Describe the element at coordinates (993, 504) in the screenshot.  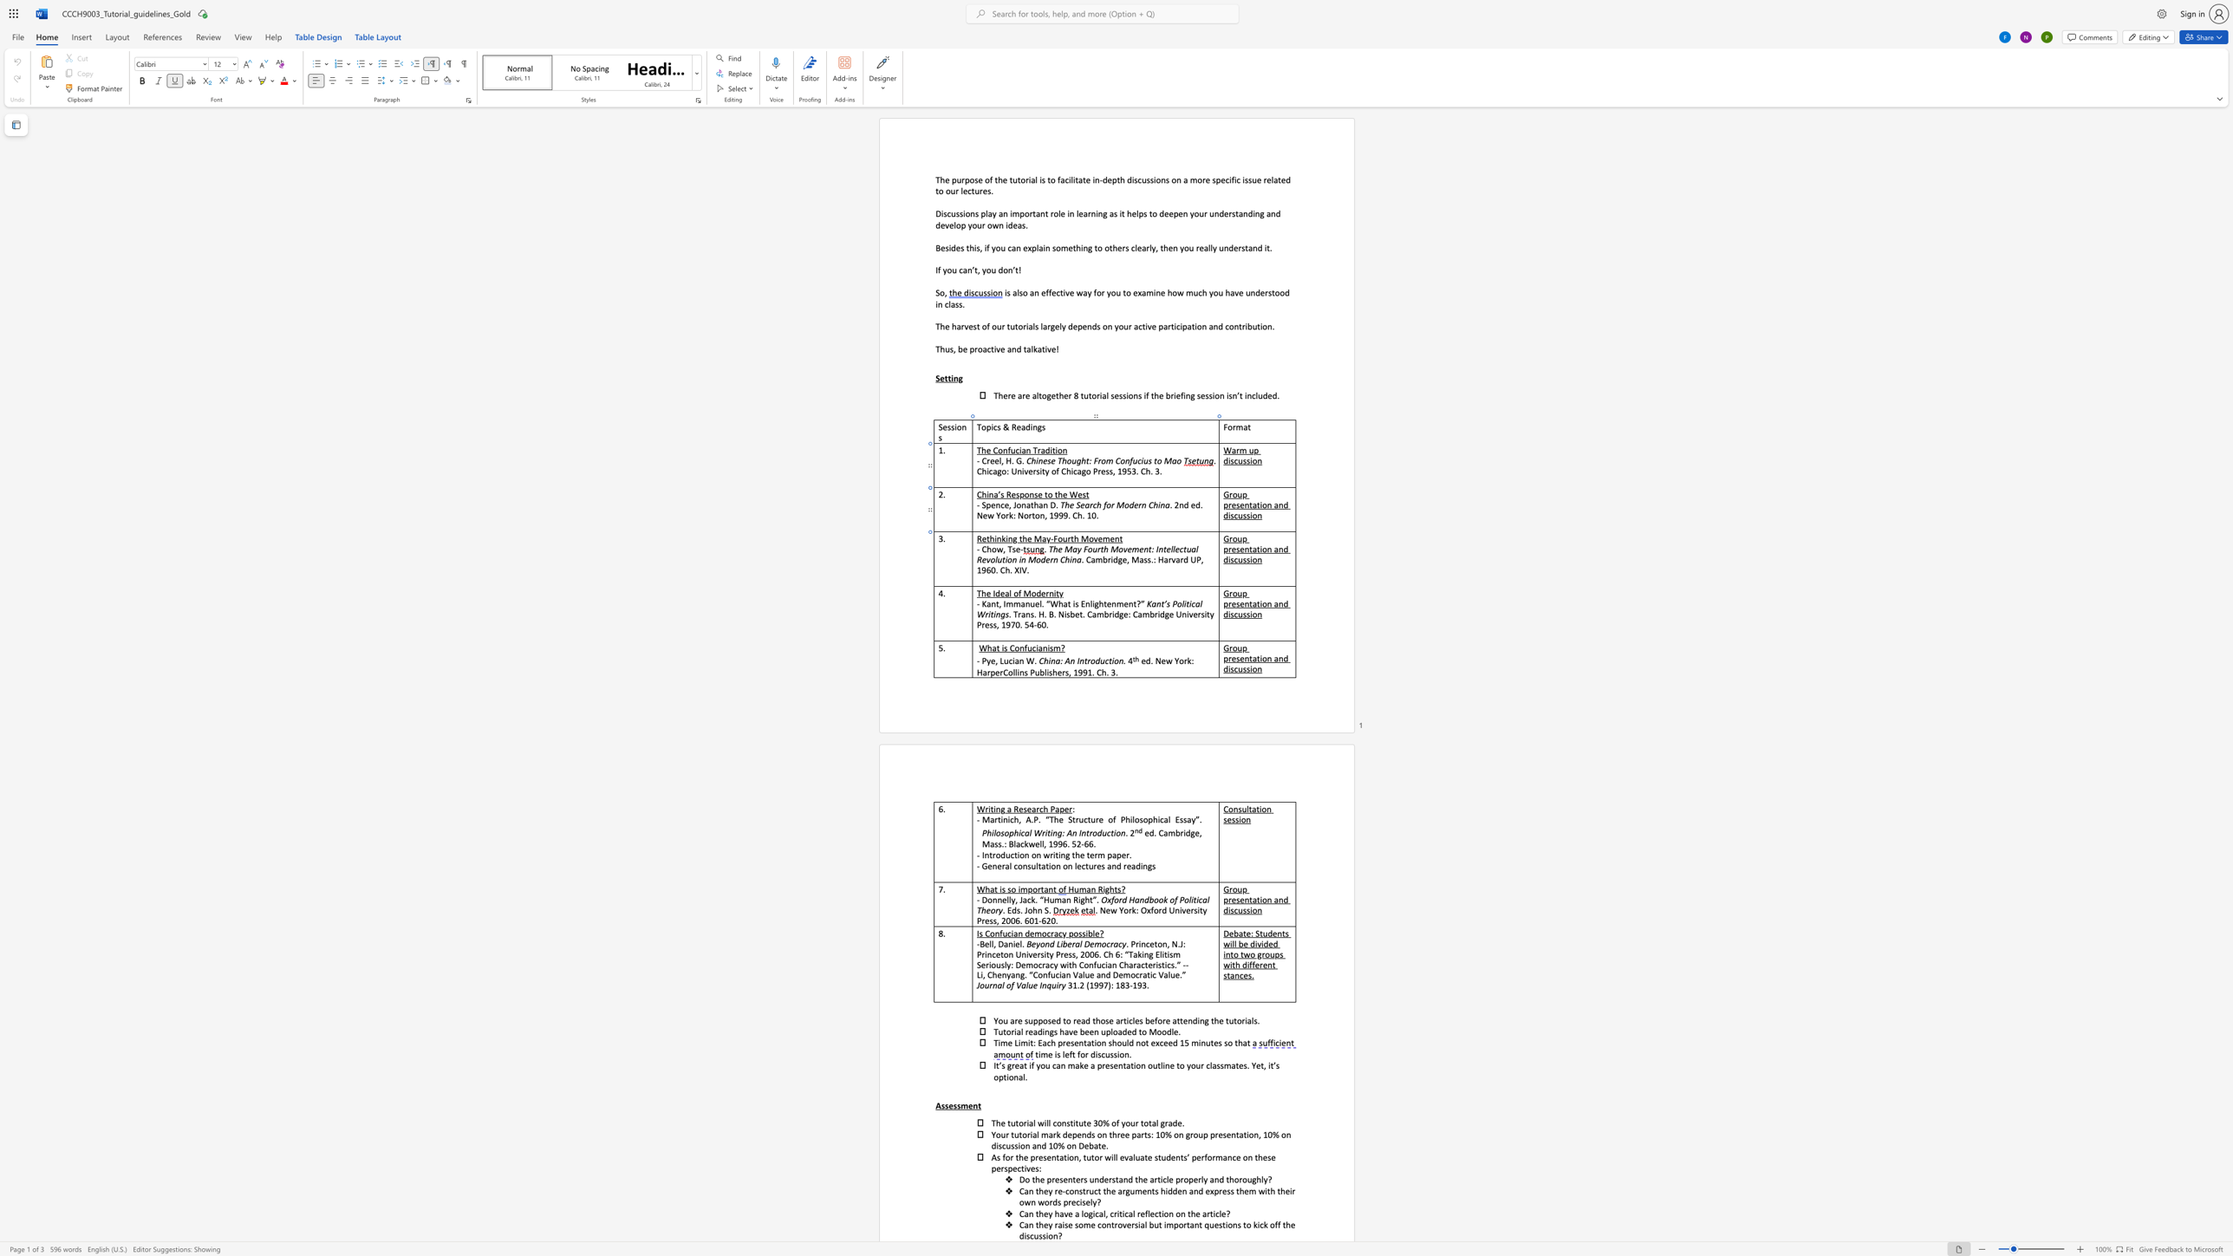
I see `the 1th character "e" in the text` at that location.